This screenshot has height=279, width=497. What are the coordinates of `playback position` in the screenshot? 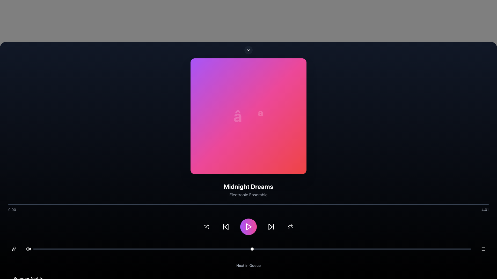 It's located at (229, 204).